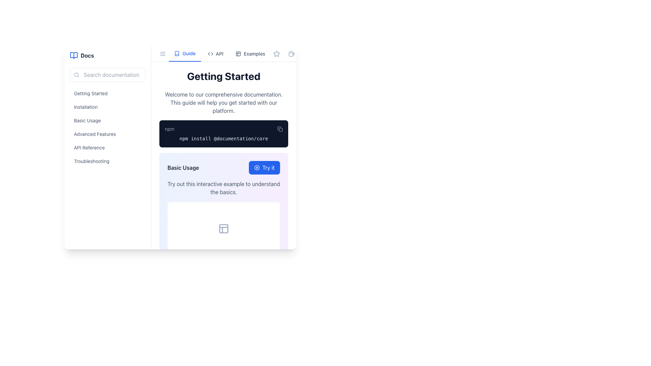 This screenshot has height=366, width=651. Describe the element at coordinates (163, 53) in the screenshot. I see `the Icon button located in the top-left corner of the navigation bar, which serves as a menu toggle button` at that location.